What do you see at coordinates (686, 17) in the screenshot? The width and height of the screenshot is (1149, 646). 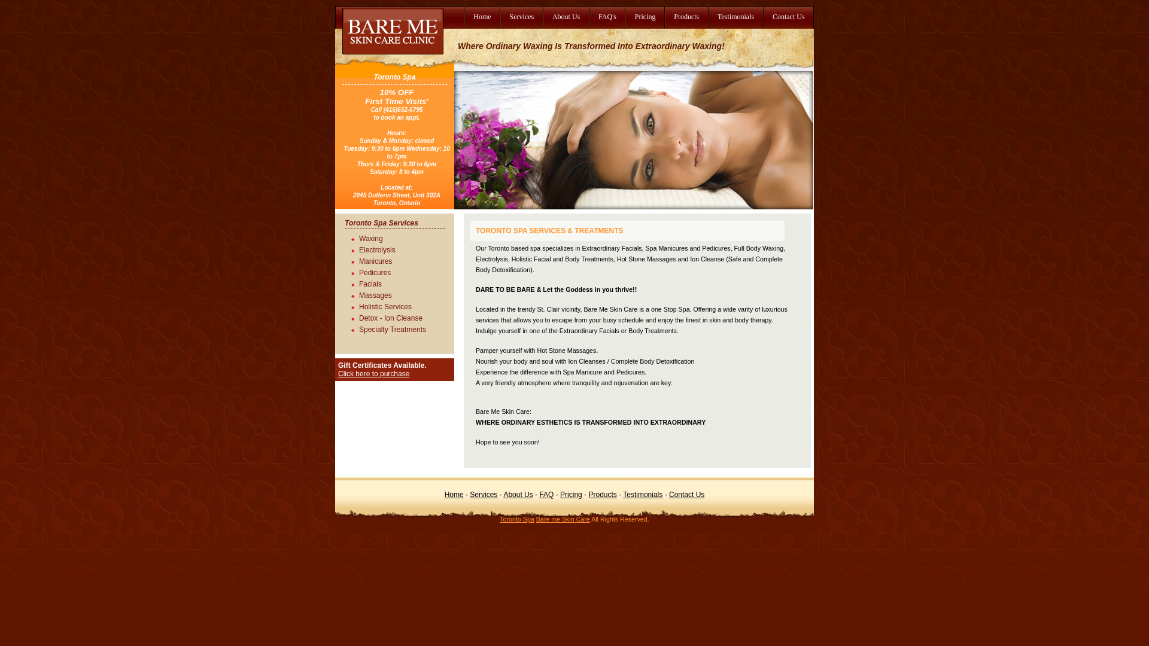 I see `'Products'` at bounding box center [686, 17].